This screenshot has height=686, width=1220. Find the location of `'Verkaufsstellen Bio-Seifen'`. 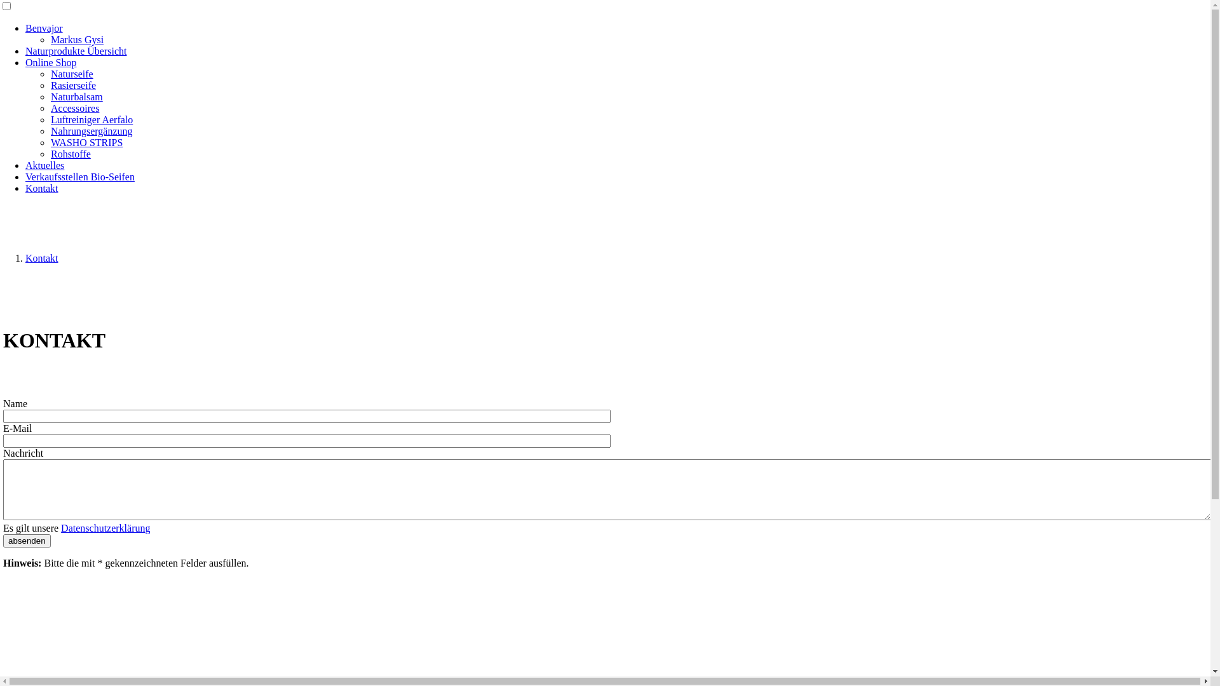

'Verkaufsstellen Bio-Seifen' is located at coordinates (79, 177).